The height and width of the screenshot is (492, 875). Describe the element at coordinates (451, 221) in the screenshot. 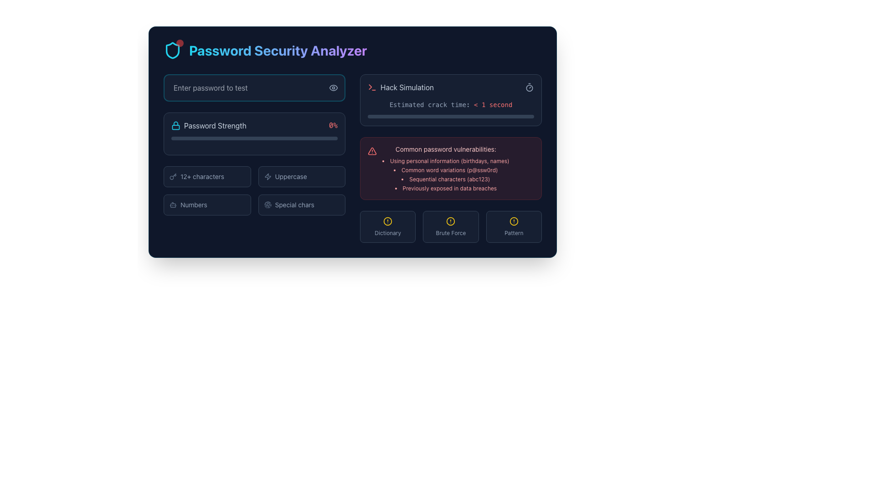

I see `the alert icon representing the 'Brute Force' category, located at the bottom center of the interface, between 'Dictionary' and 'Pattern'` at that location.